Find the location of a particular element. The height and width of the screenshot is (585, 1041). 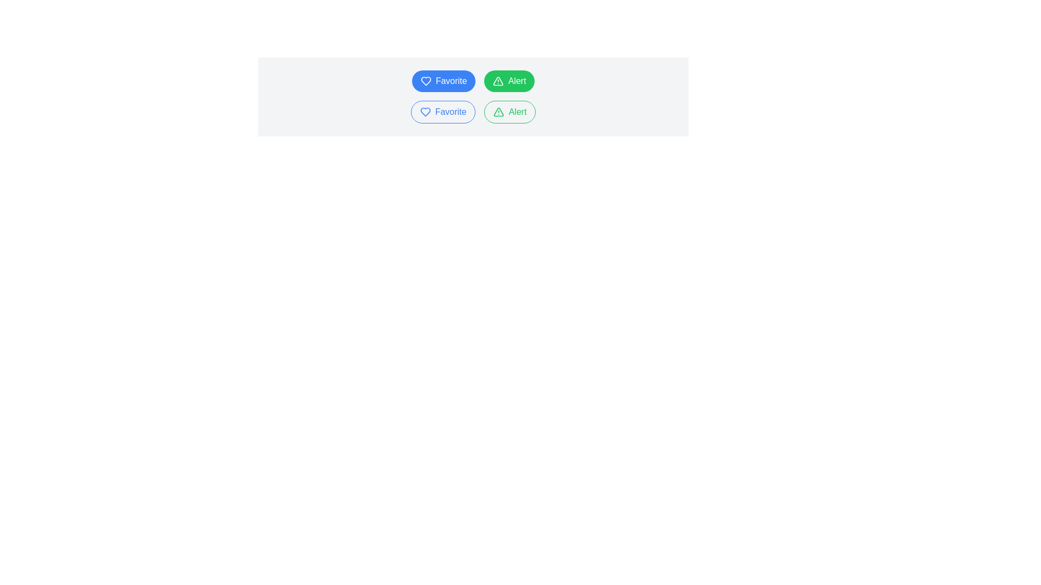

the heart icon inside the blue button labeled 'Favorite', which is positioned on the top row of the button group is located at coordinates (425, 81).